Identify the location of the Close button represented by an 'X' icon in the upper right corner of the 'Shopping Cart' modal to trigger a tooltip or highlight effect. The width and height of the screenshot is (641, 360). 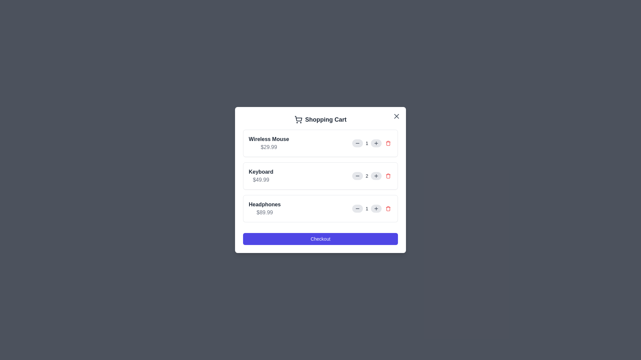
(397, 116).